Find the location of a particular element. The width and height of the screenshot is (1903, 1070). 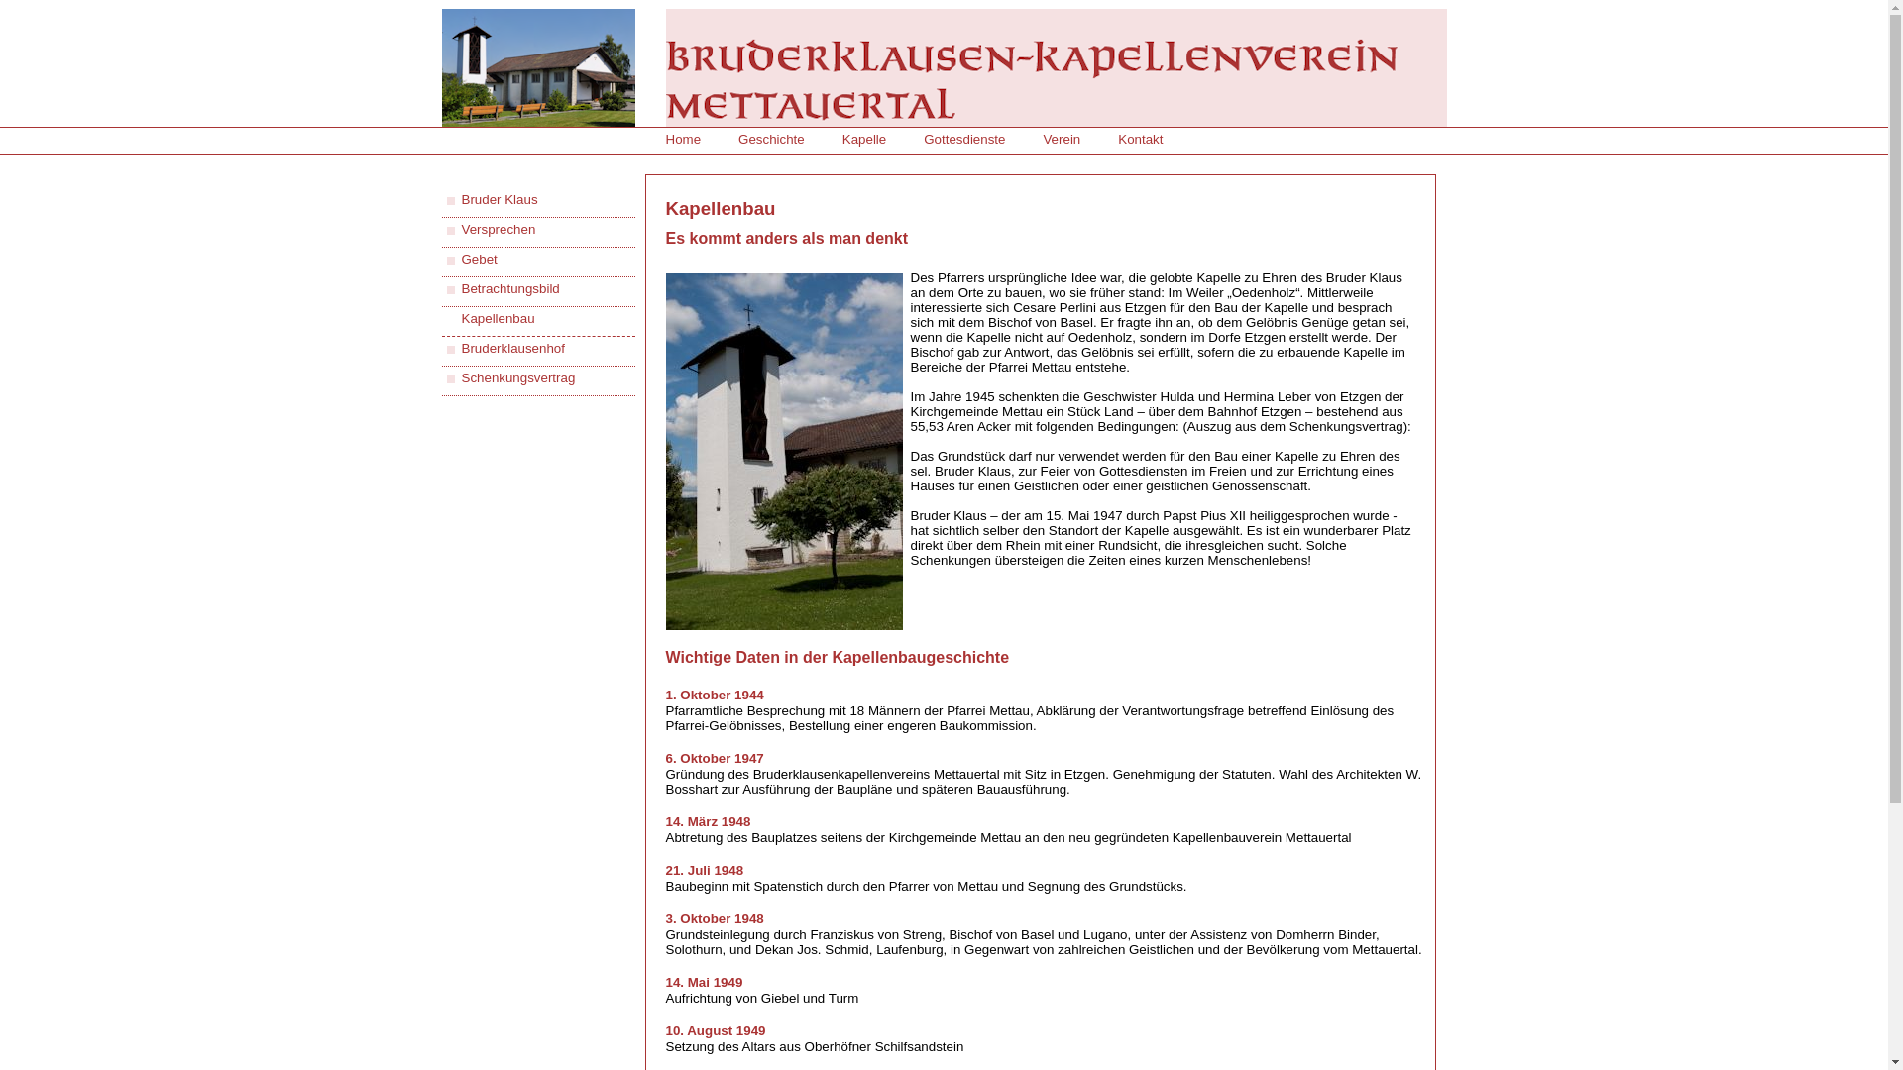

'Bruderklausenhof' is located at coordinates (513, 347).